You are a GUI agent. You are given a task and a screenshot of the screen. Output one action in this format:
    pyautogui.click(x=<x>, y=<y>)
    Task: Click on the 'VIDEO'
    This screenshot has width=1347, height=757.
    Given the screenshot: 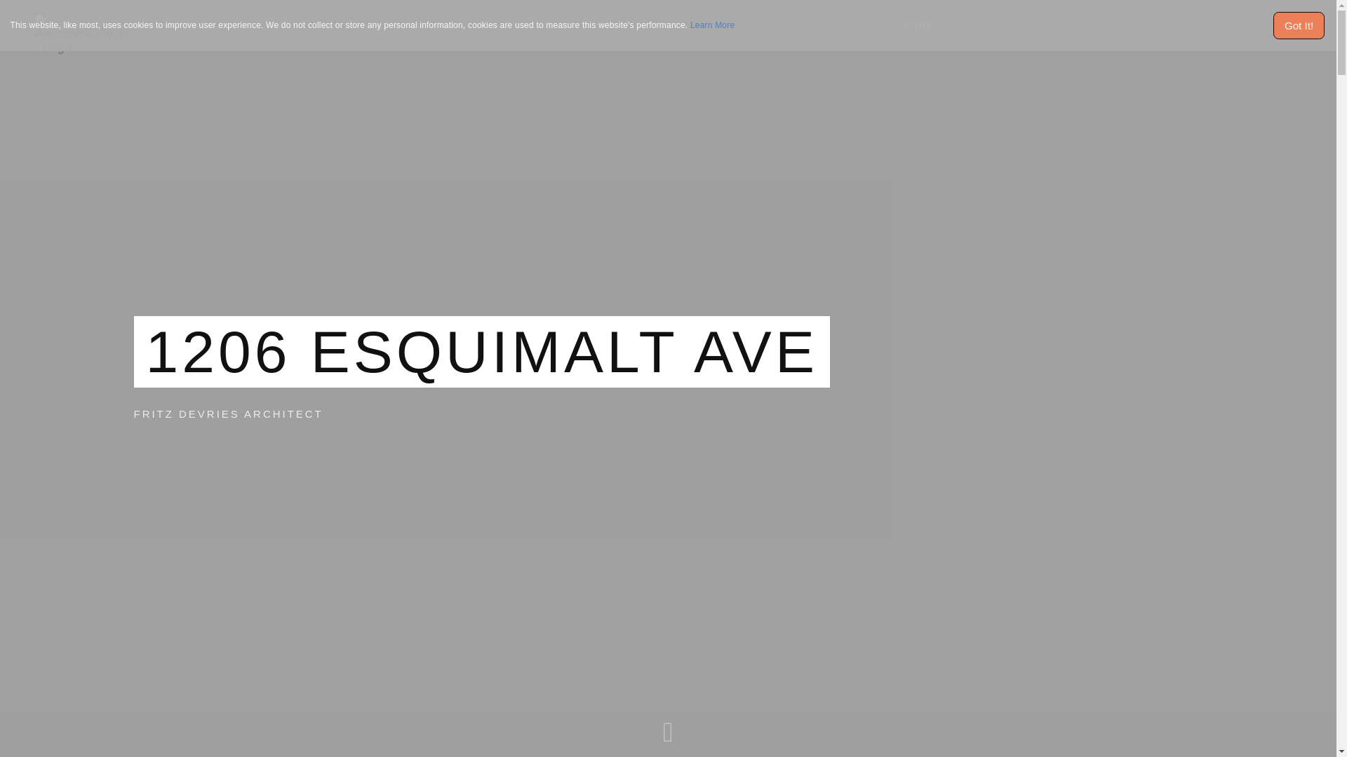 What is the action you would take?
    pyautogui.click(x=1120, y=26)
    